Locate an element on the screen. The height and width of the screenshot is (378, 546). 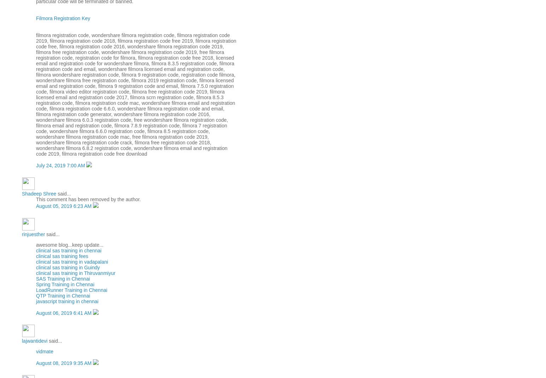
'awesome blog...keep update...' is located at coordinates (69, 245).